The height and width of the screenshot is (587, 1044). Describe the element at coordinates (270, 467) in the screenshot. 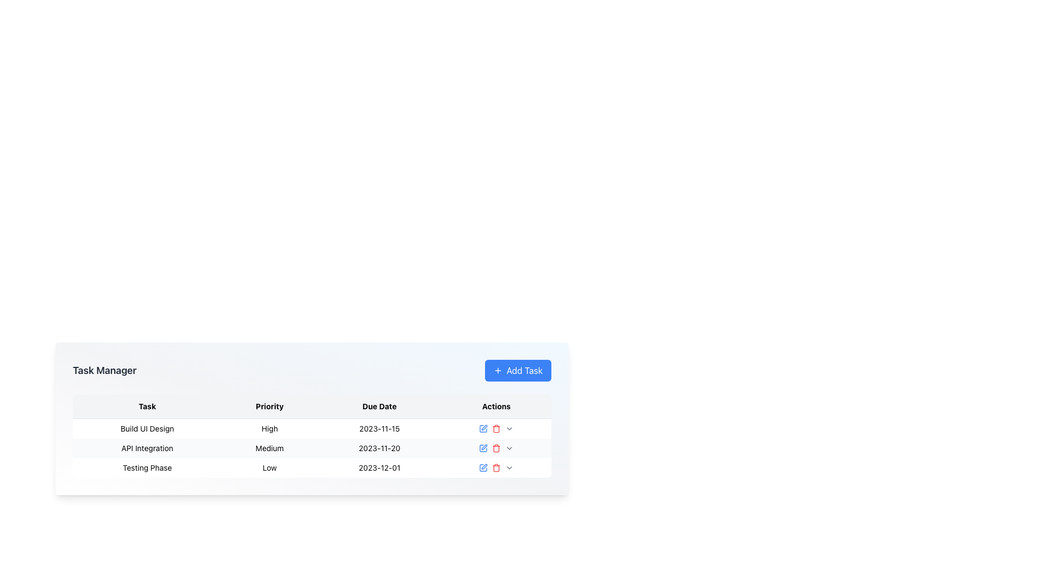

I see `the text label 'Low' in the 'Priority' column, which is the second cell for the 'Testing Phase' task in the bottom row of the table` at that location.